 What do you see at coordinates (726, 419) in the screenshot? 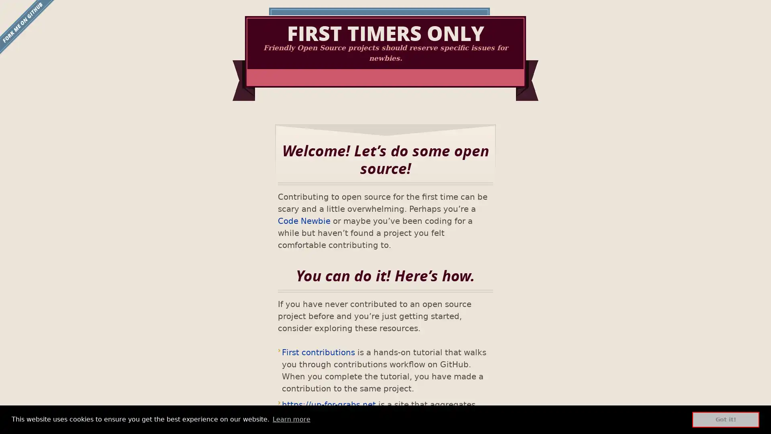
I see `dismiss cookie message` at bounding box center [726, 419].